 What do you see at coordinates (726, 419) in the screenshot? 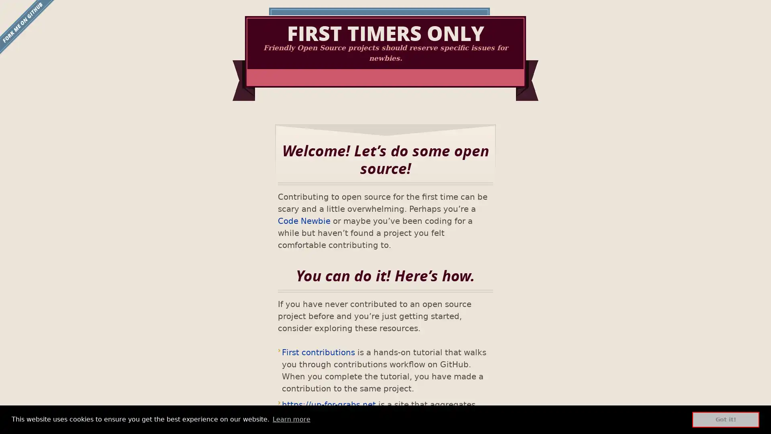
I see `dismiss cookie message` at bounding box center [726, 419].